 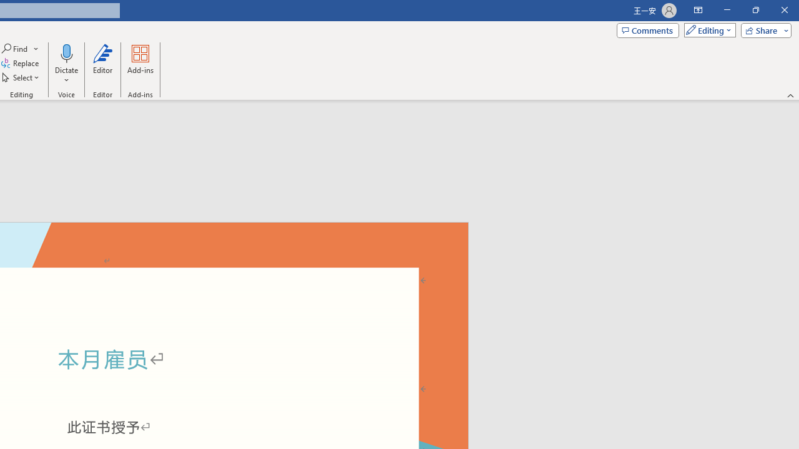 What do you see at coordinates (763, 29) in the screenshot?
I see `'Share'` at bounding box center [763, 29].